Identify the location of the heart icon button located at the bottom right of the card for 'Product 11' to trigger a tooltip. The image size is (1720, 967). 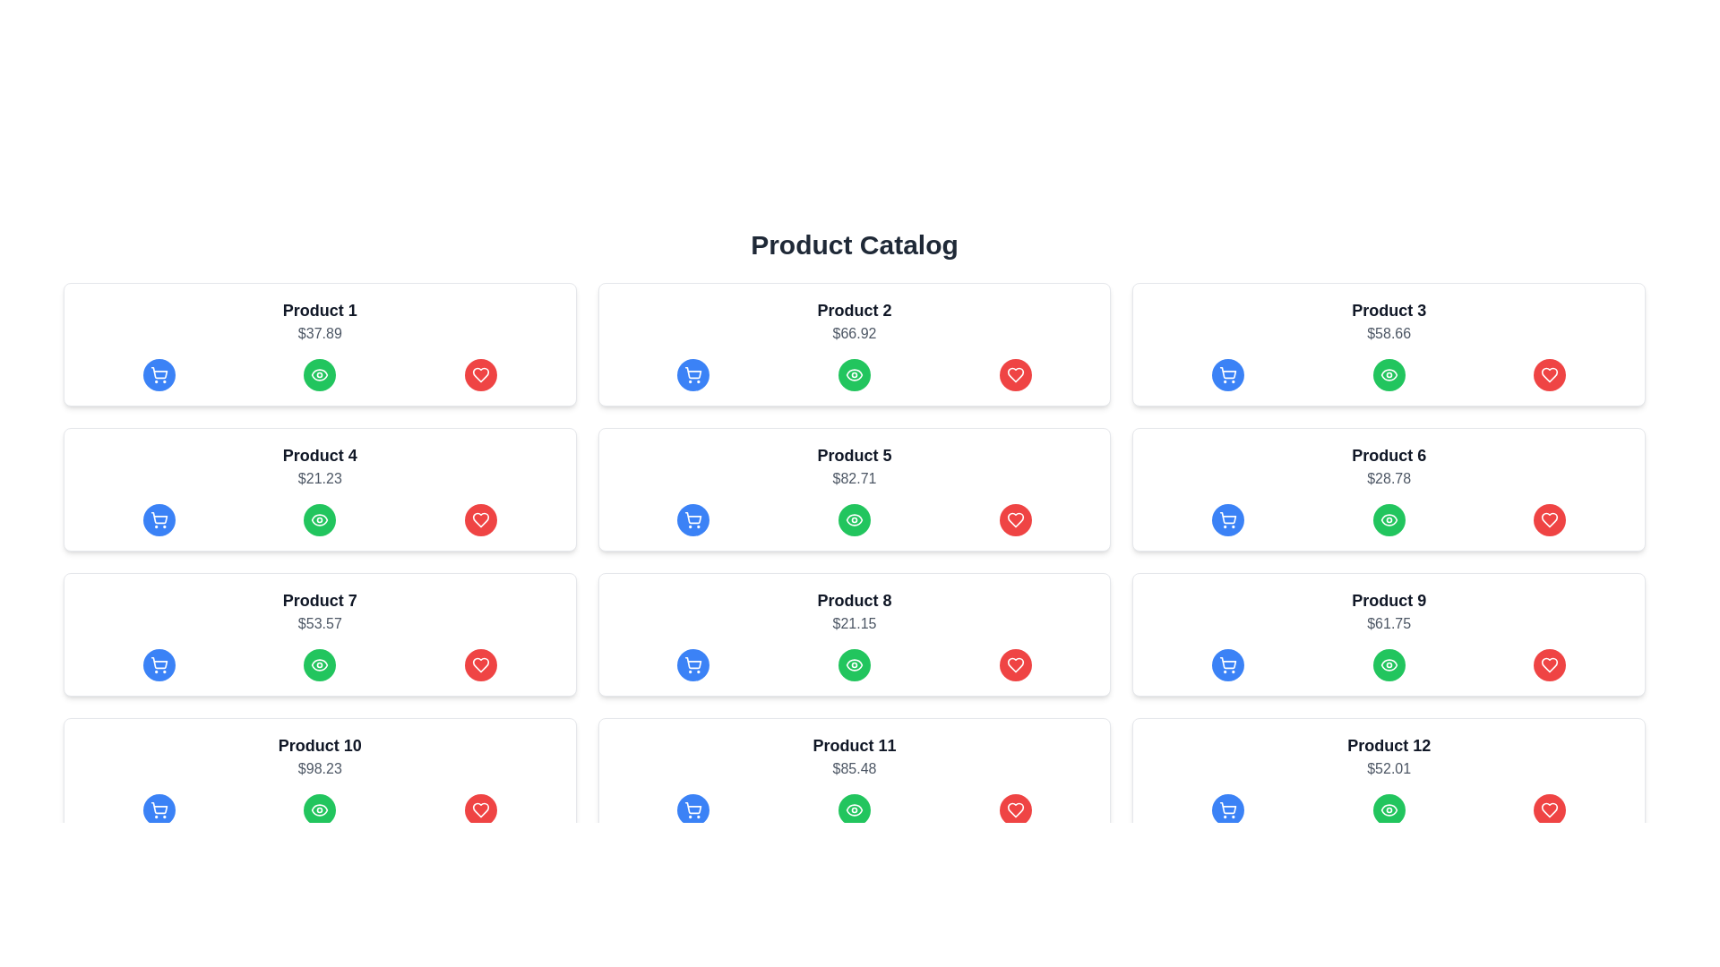
(1015, 810).